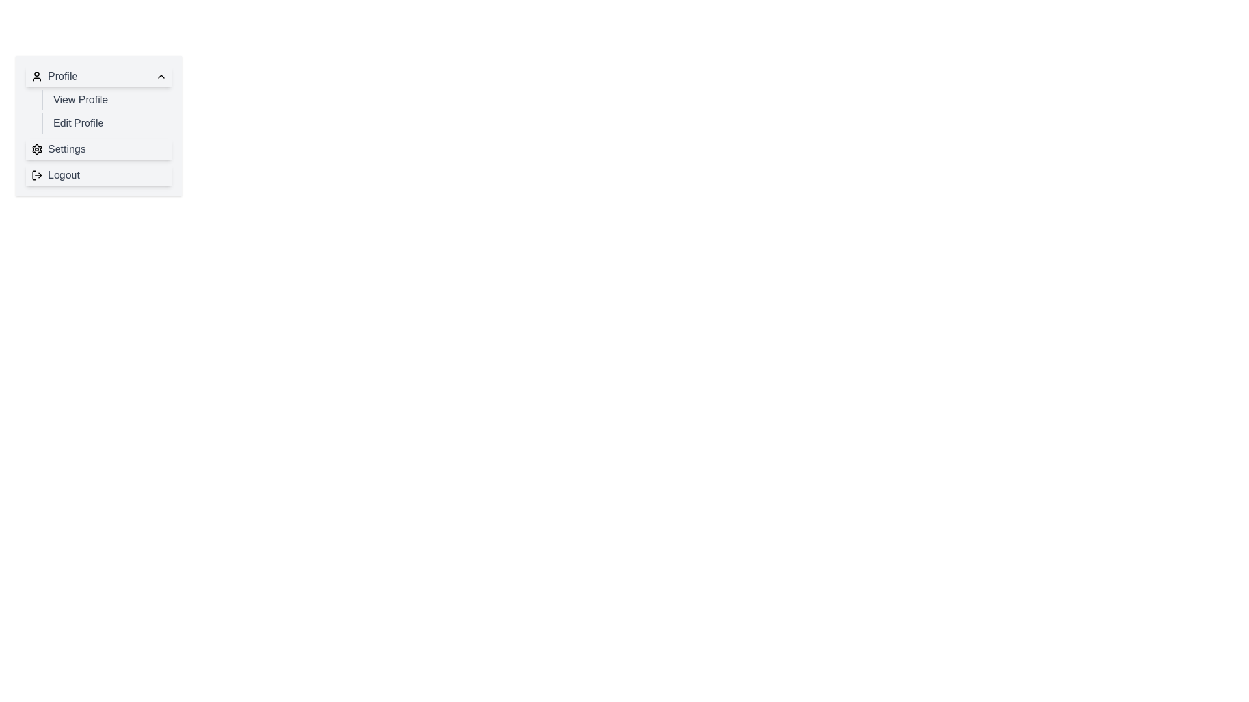 Image resolution: width=1249 pixels, height=702 pixels. What do you see at coordinates (98, 125) in the screenshot?
I see `the third menu list item labeled 'Edit Profile' in the vertical navigation menu` at bounding box center [98, 125].